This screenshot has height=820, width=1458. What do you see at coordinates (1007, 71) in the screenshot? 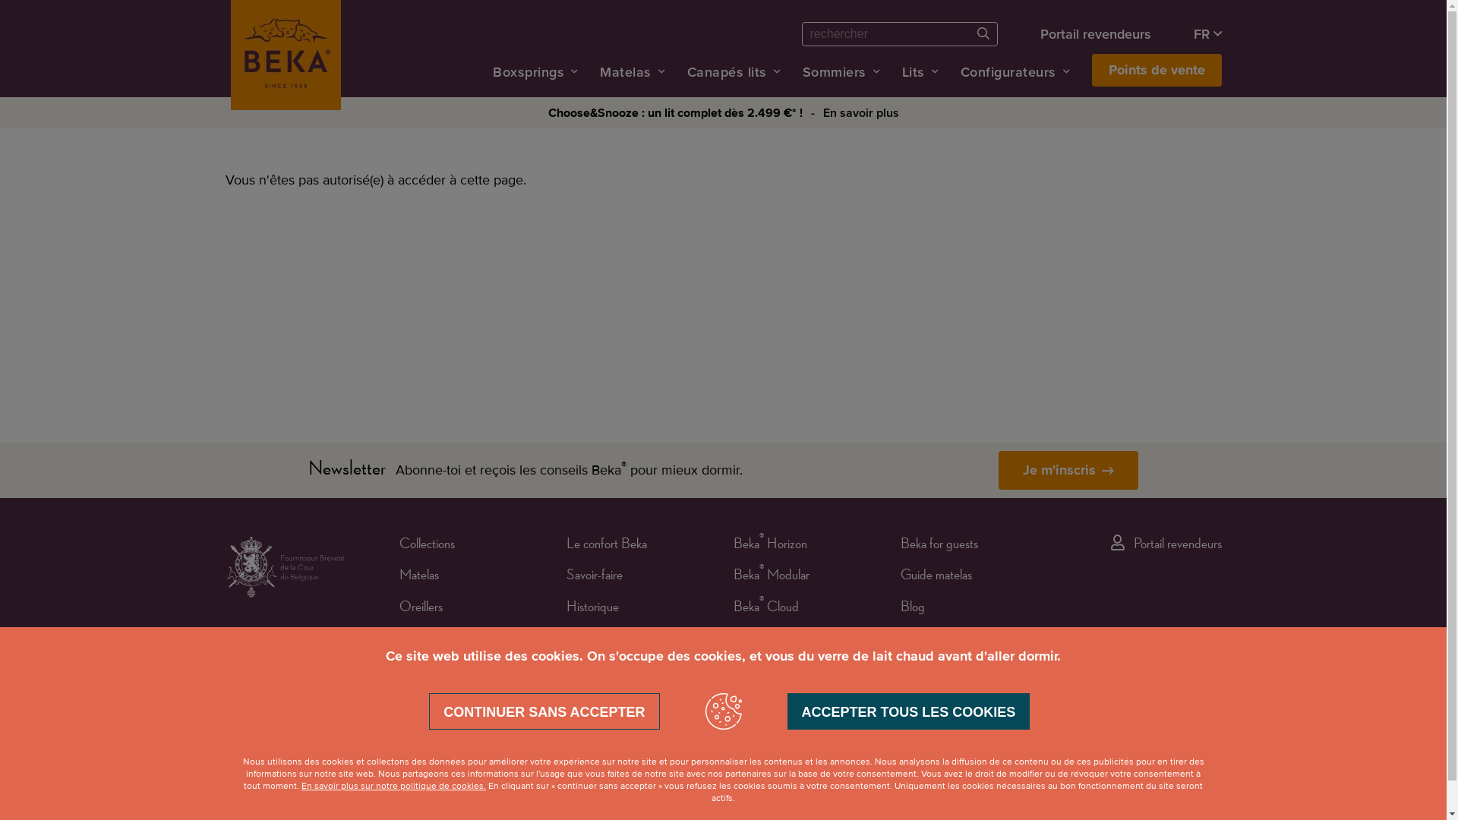
I see `'Configurateurs'` at bounding box center [1007, 71].